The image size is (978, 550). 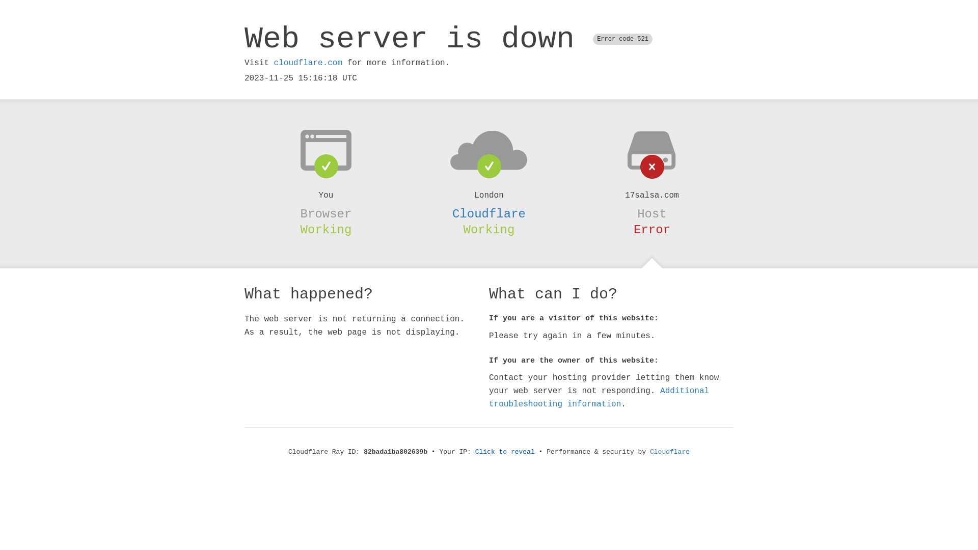 What do you see at coordinates (489, 213) in the screenshot?
I see `'Cloudflare'` at bounding box center [489, 213].